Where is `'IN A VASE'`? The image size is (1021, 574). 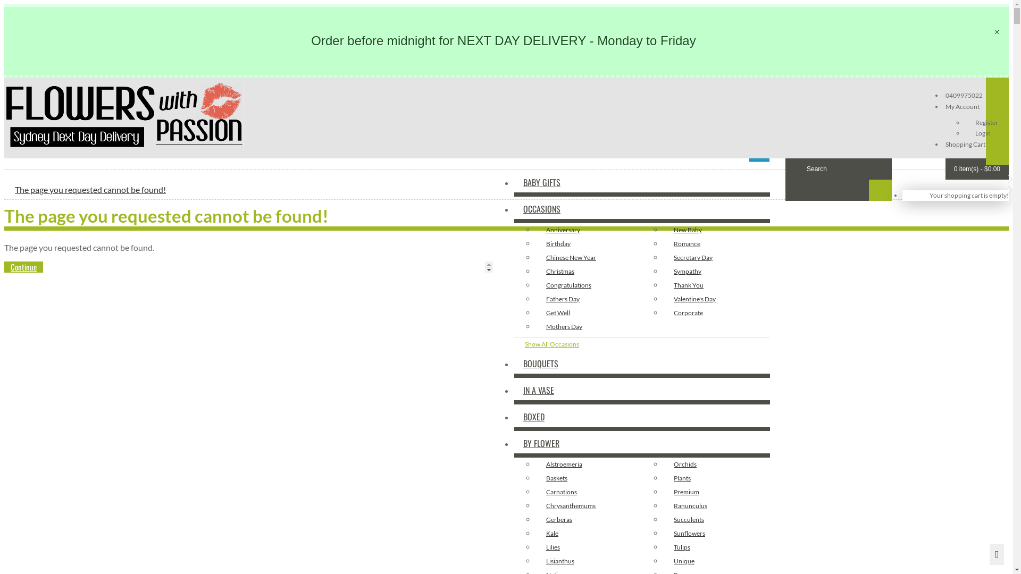
'IN A VASE' is located at coordinates (514, 391).